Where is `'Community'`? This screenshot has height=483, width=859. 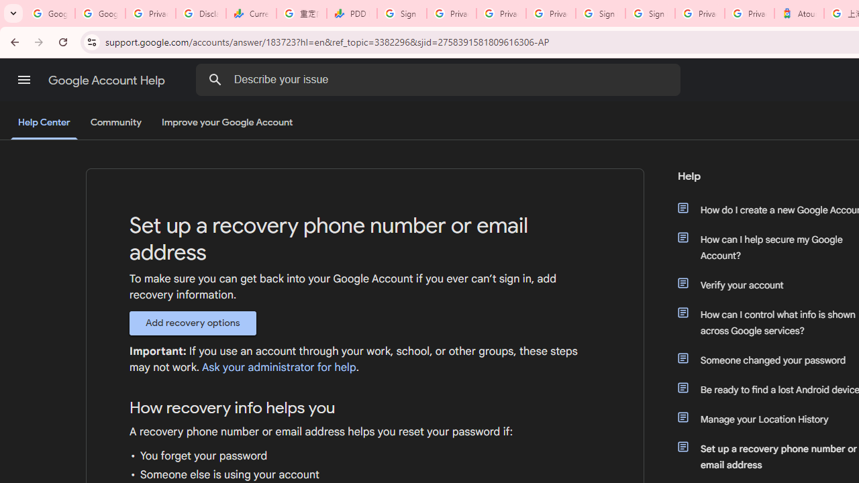
'Community' is located at coordinates (115, 123).